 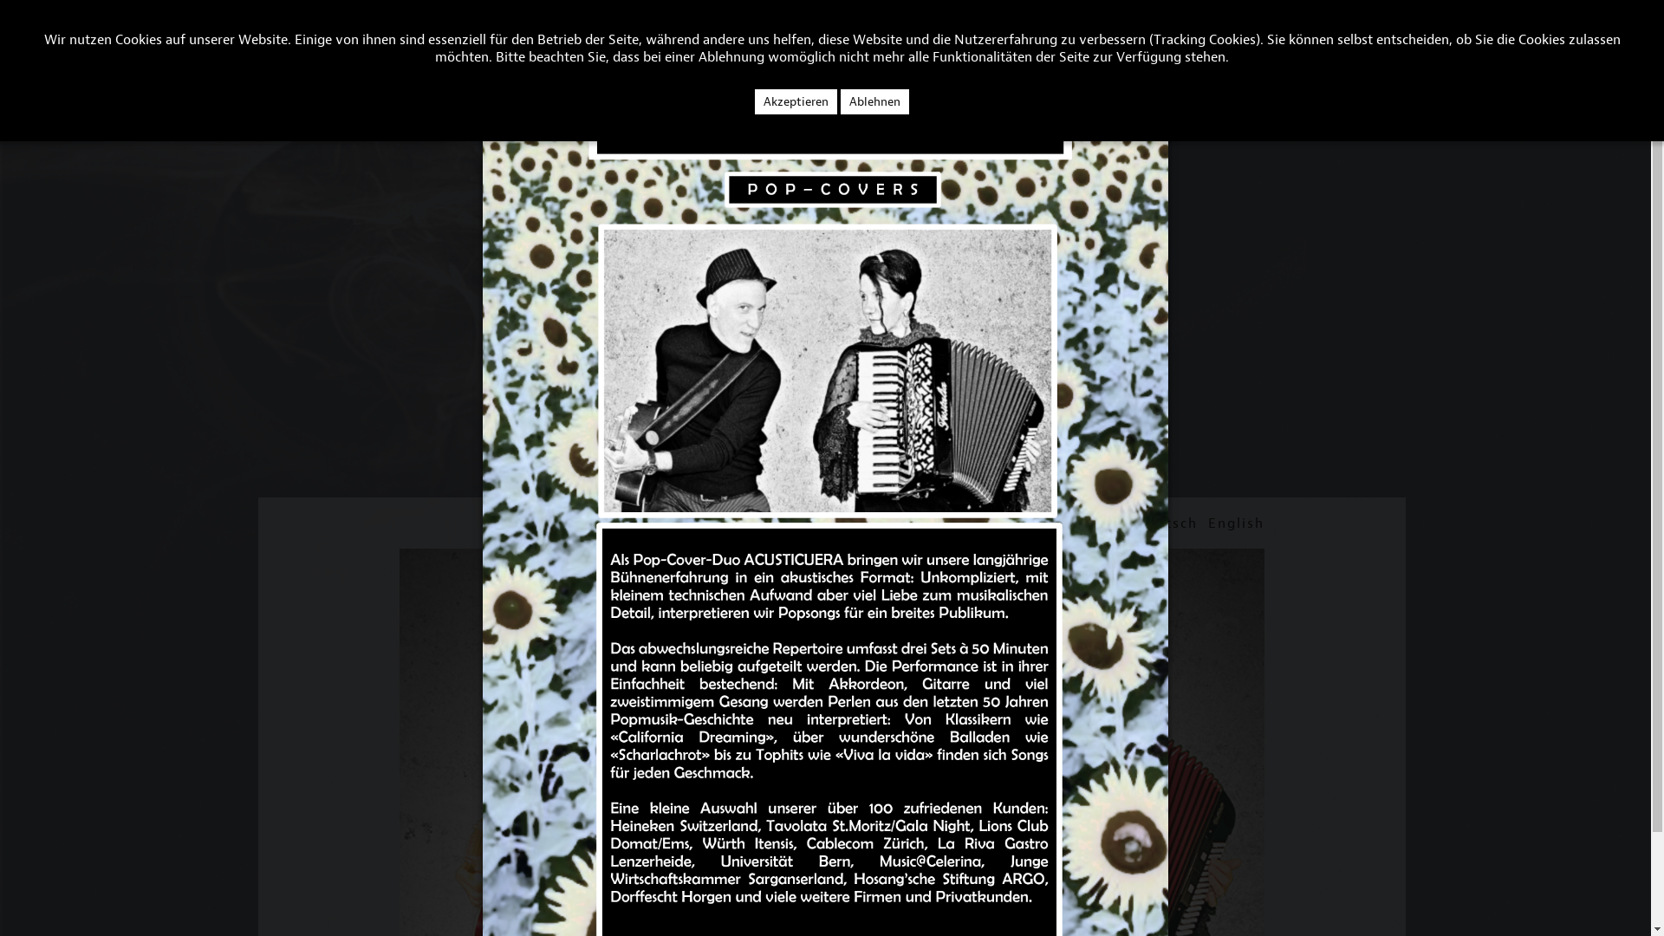 What do you see at coordinates (239, 49) in the screenshot?
I see `'CONTACT'` at bounding box center [239, 49].